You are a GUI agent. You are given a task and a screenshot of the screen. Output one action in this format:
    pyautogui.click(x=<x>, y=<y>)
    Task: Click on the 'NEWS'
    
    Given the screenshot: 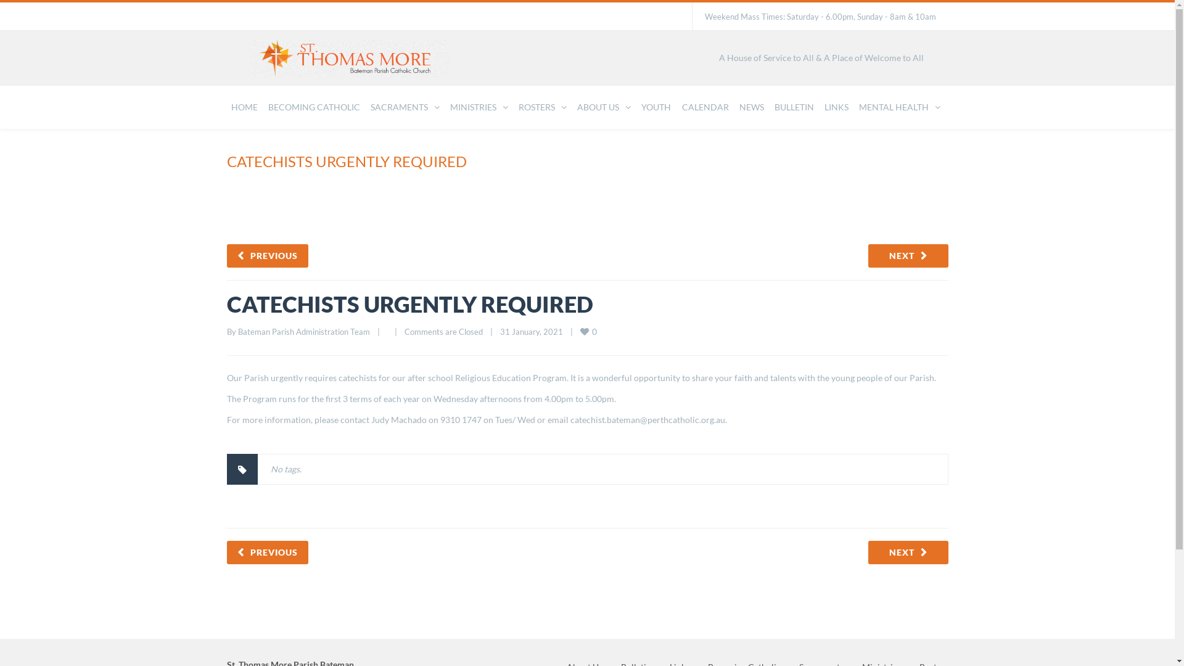 What is the action you would take?
    pyautogui.click(x=751, y=106)
    